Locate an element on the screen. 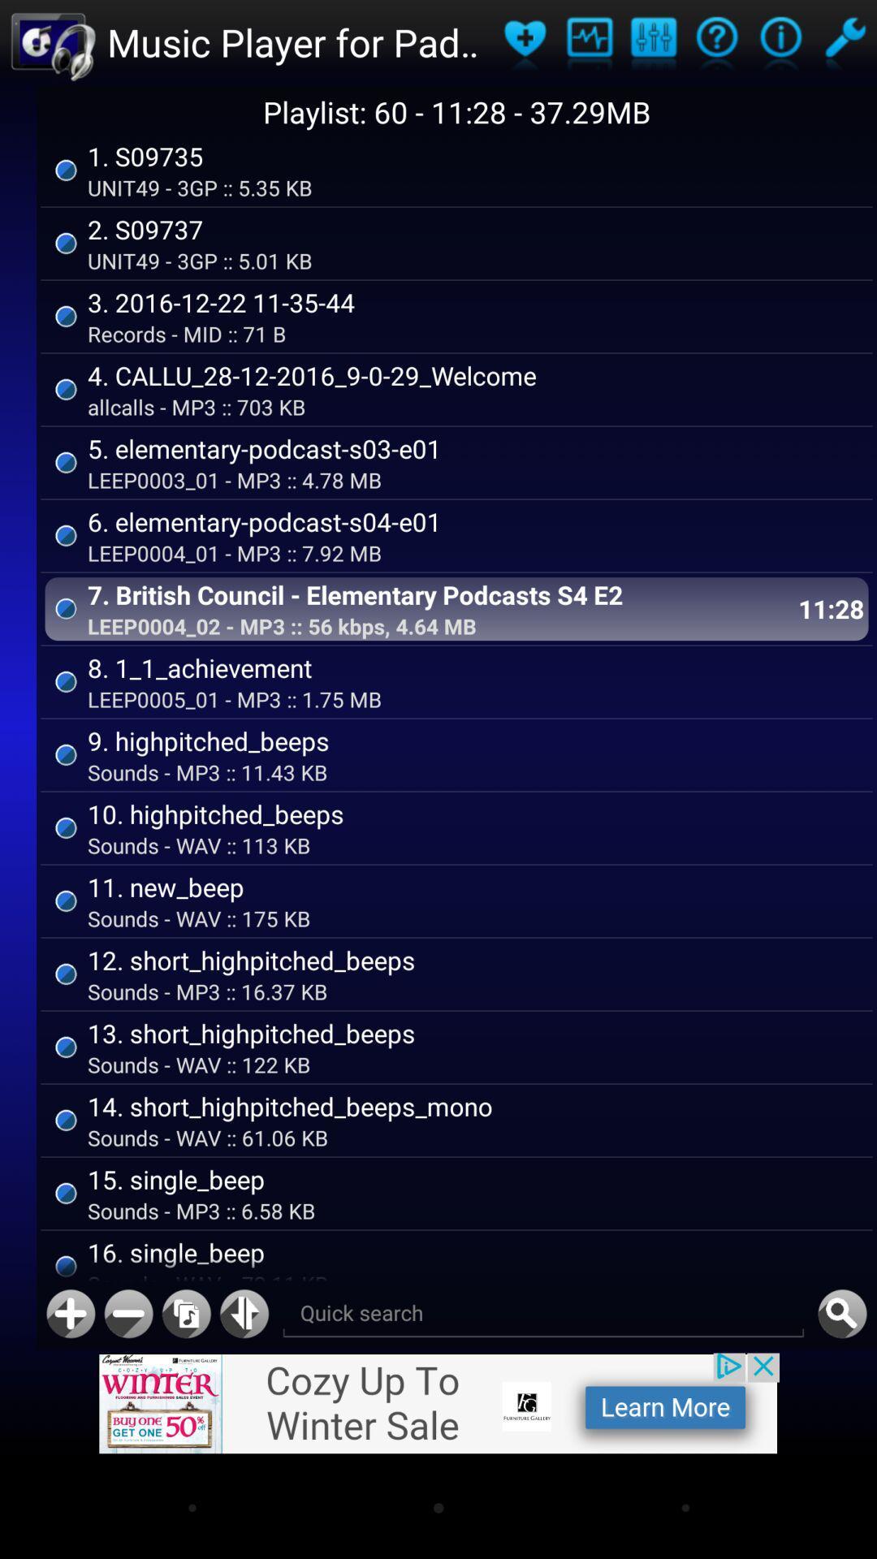 This screenshot has width=877, height=1559. advertisement is located at coordinates (438, 1402).